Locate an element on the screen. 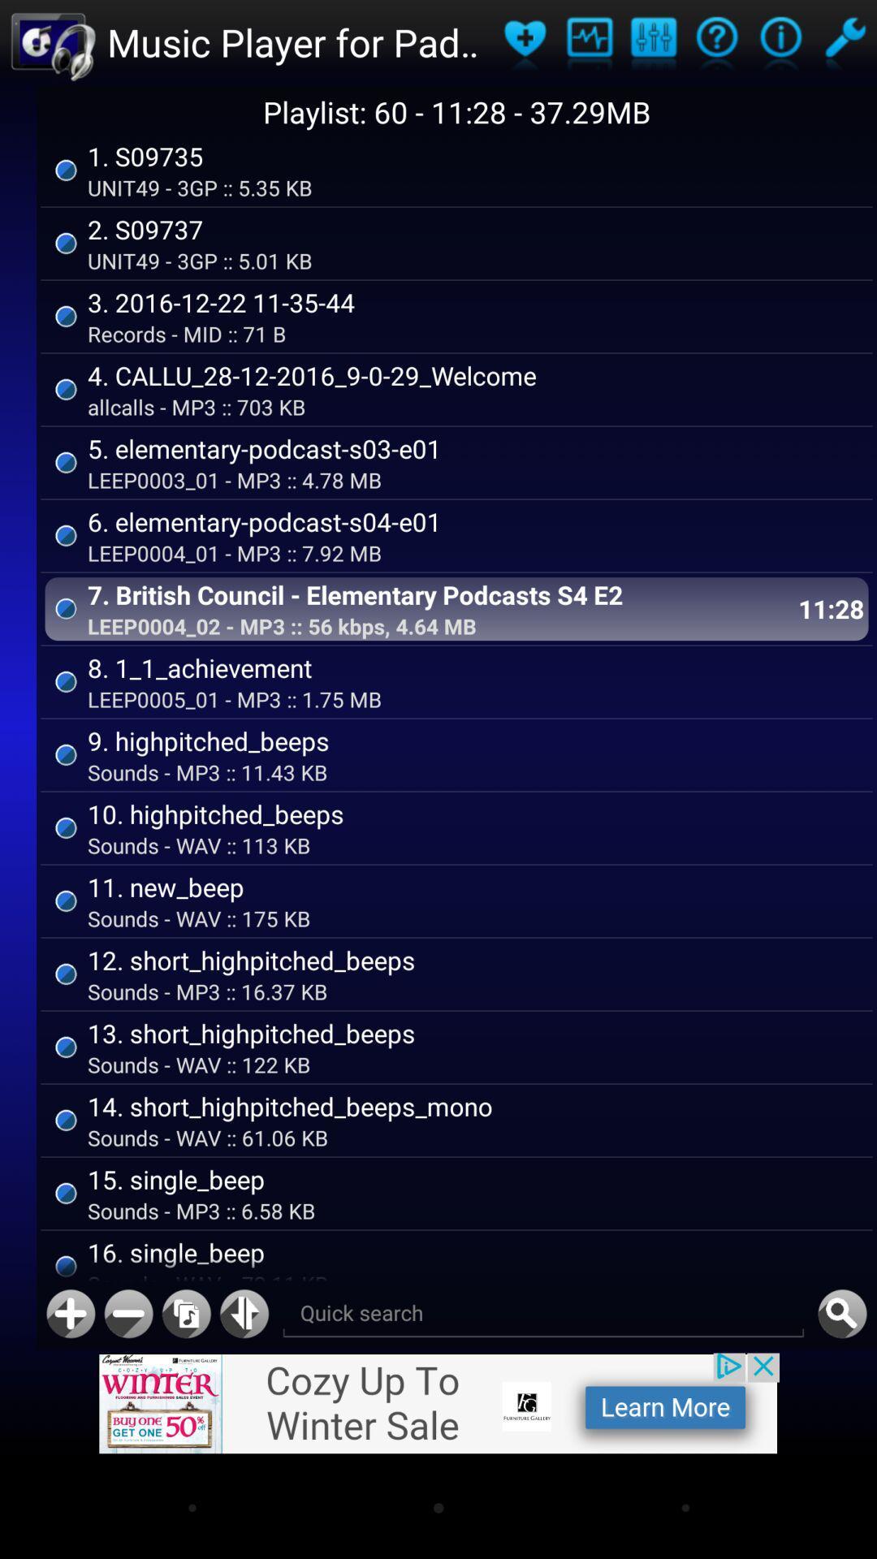 This screenshot has width=877, height=1559. advertisement is located at coordinates (438, 1402).